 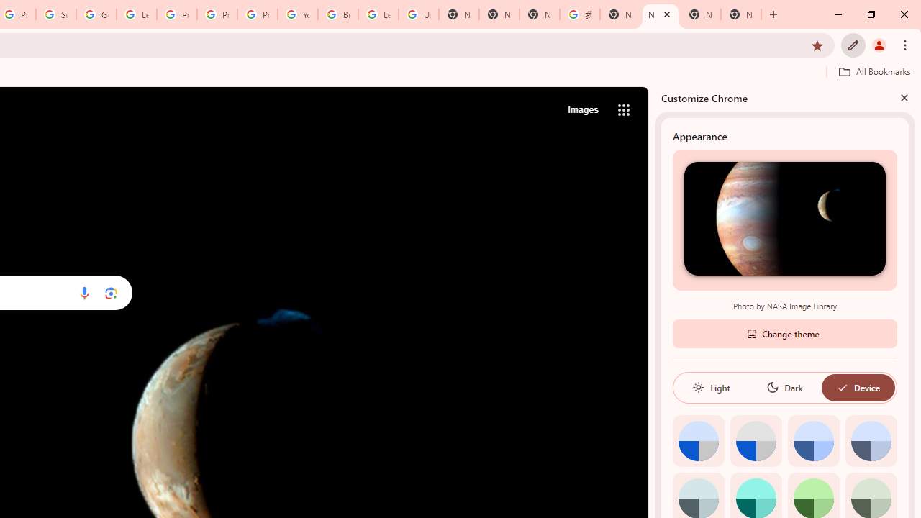 I want to click on 'Light', so click(x=711, y=386).